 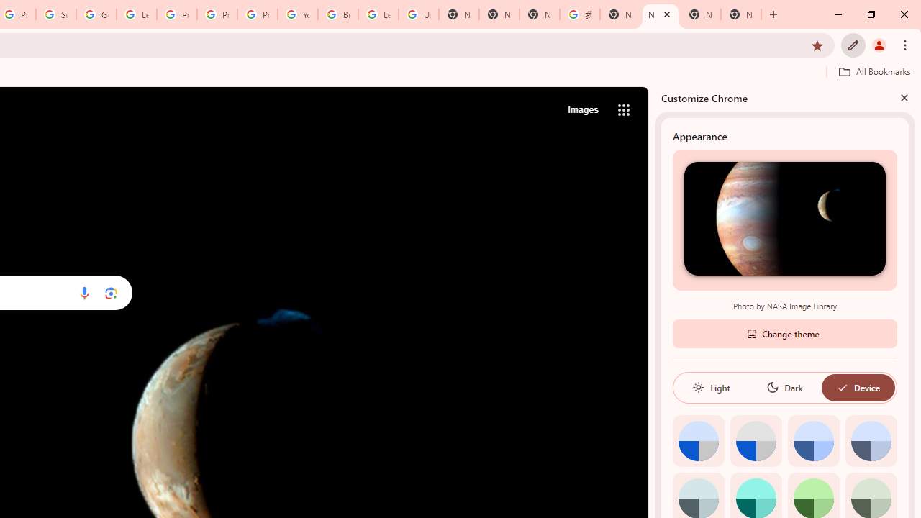 I want to click on 'Light', so click(x=711, y=386).